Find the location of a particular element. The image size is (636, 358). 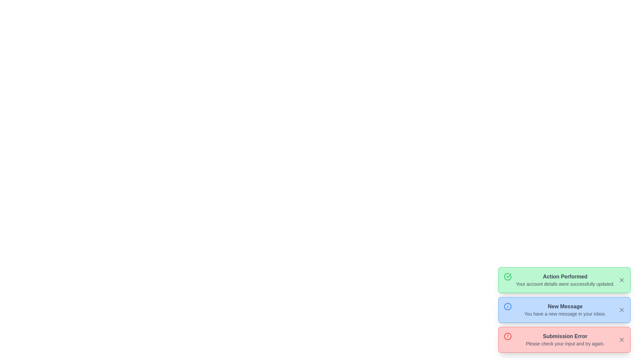

the checkmark icon inside the green success notification box located to the left of the text 'Action Performed' is located at coordinates (508, 276).